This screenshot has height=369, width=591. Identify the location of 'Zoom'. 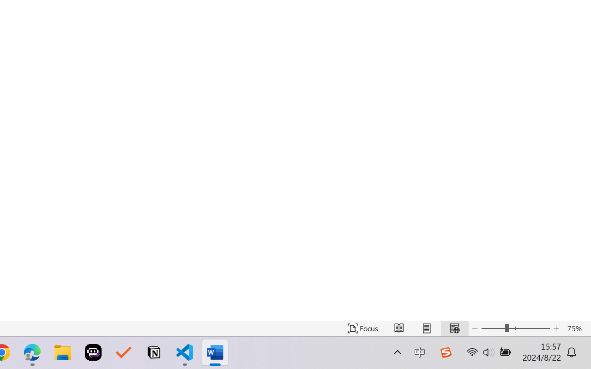
(515, 328).